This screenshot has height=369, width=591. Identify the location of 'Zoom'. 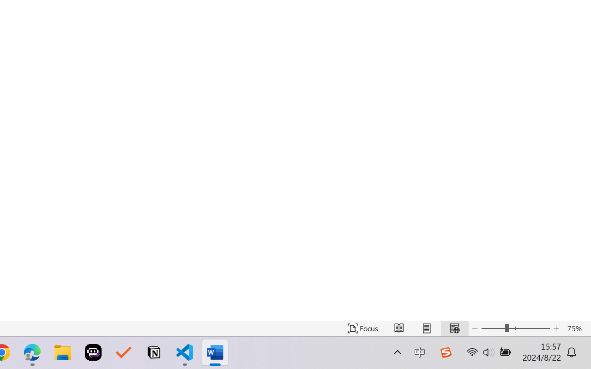
(515, 328).